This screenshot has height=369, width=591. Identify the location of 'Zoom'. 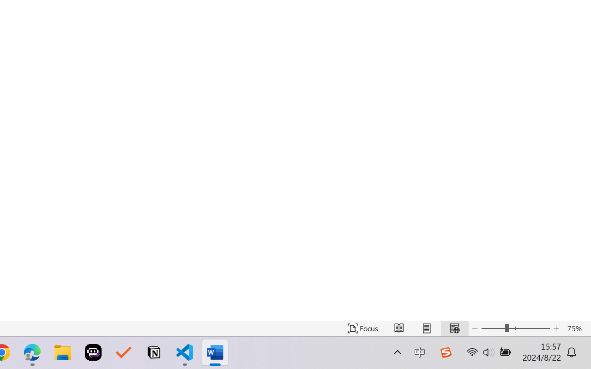
(515, 328).